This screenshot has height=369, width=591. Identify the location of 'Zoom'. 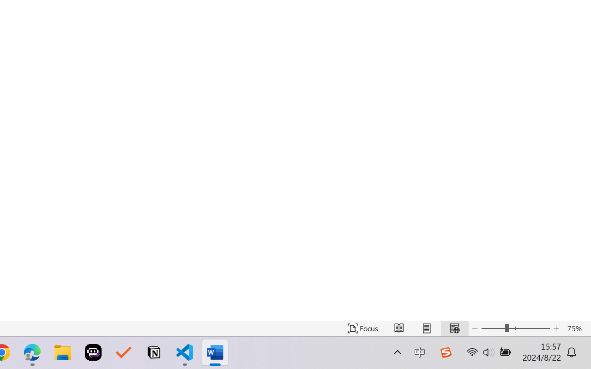
(515, 328).